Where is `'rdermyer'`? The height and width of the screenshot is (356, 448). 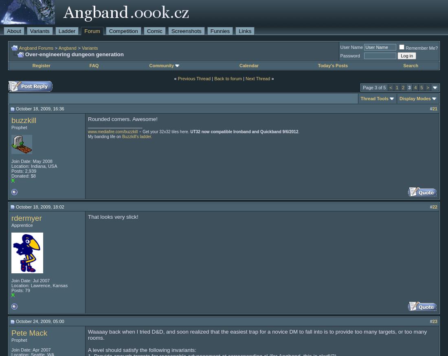
'rdermyer' is located at coordinates (26, 218).